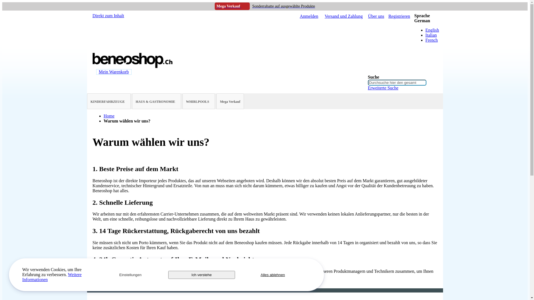 The width and height of the screenshot is (534, 300). I want to click on 'French', so click(431, 40).